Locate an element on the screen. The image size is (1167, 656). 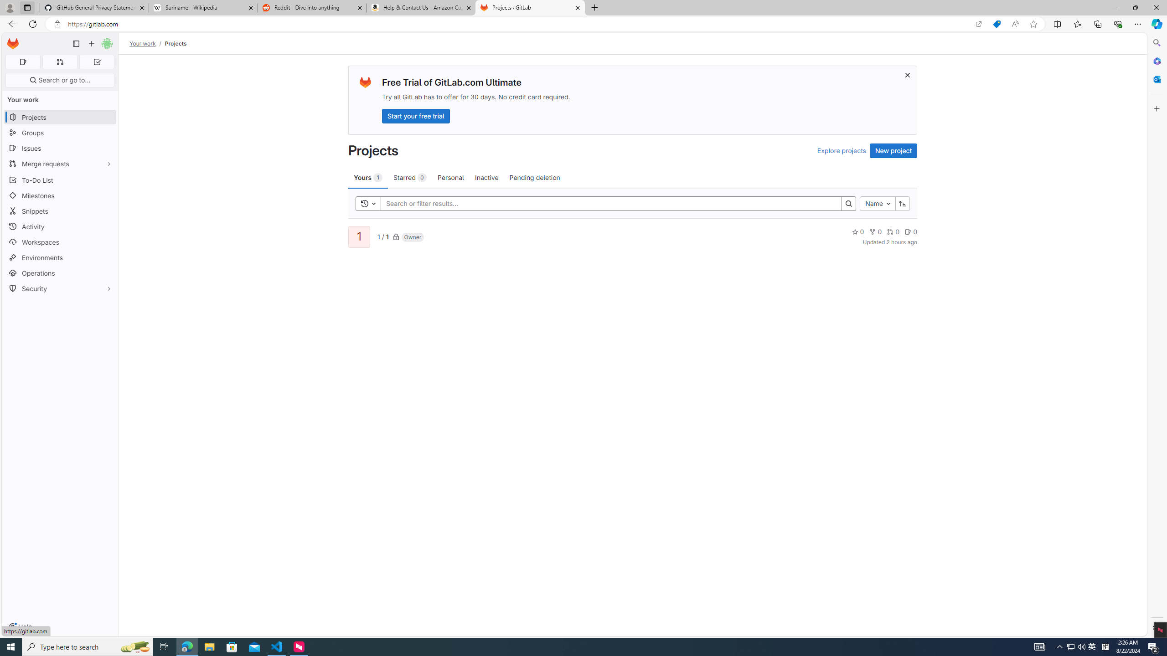
'Operations' is located at coordinates (59, 272).